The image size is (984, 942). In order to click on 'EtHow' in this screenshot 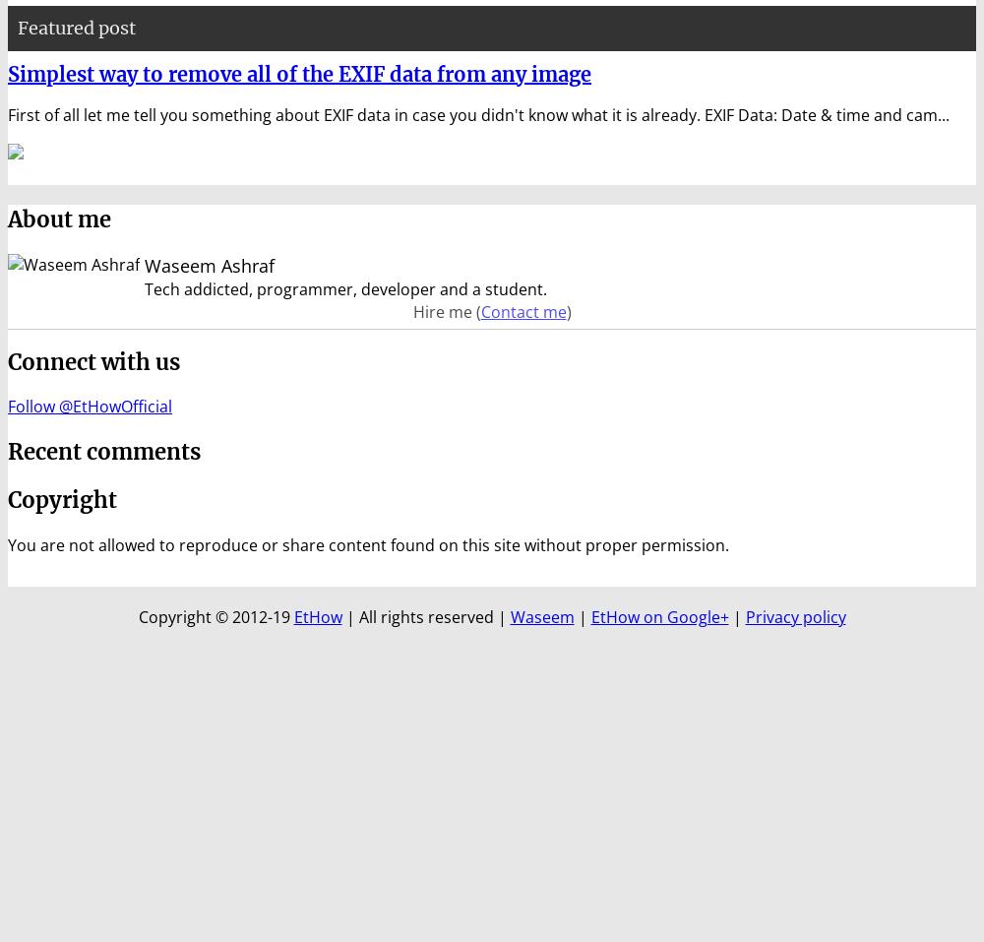, I will do `click(293, 614)`.